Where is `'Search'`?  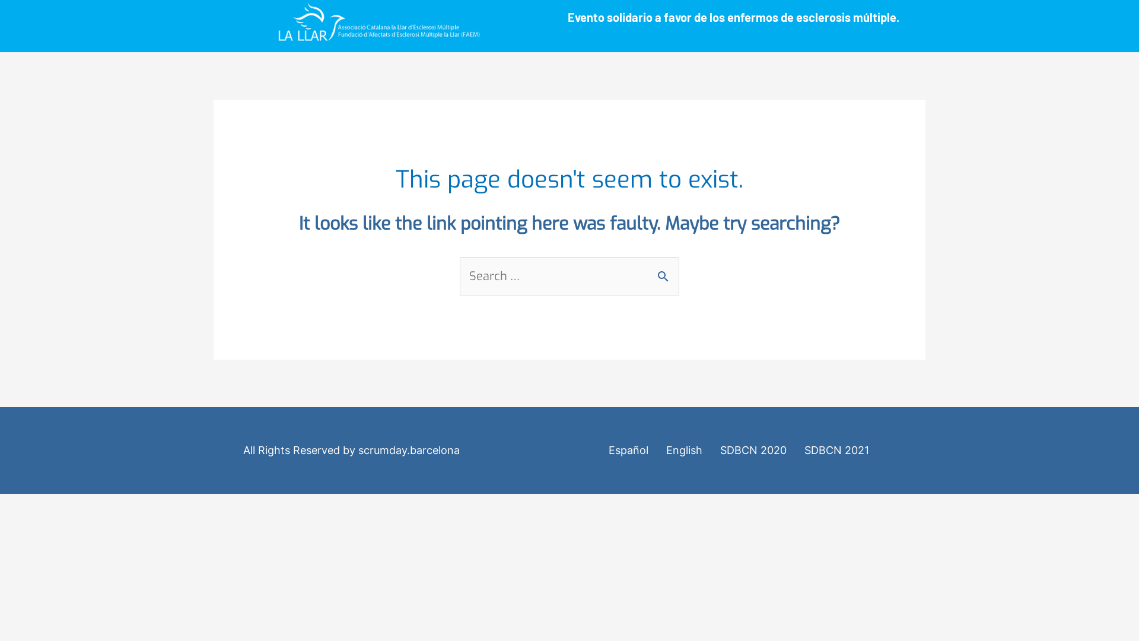 'Search' is located at coordinates (666, 270).